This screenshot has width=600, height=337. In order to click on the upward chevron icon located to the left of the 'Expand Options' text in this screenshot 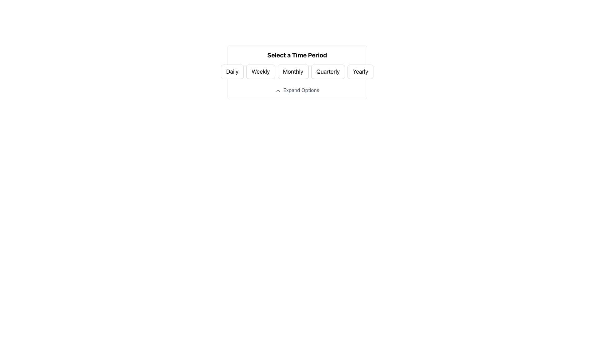, I will do `click(277, 90)`.